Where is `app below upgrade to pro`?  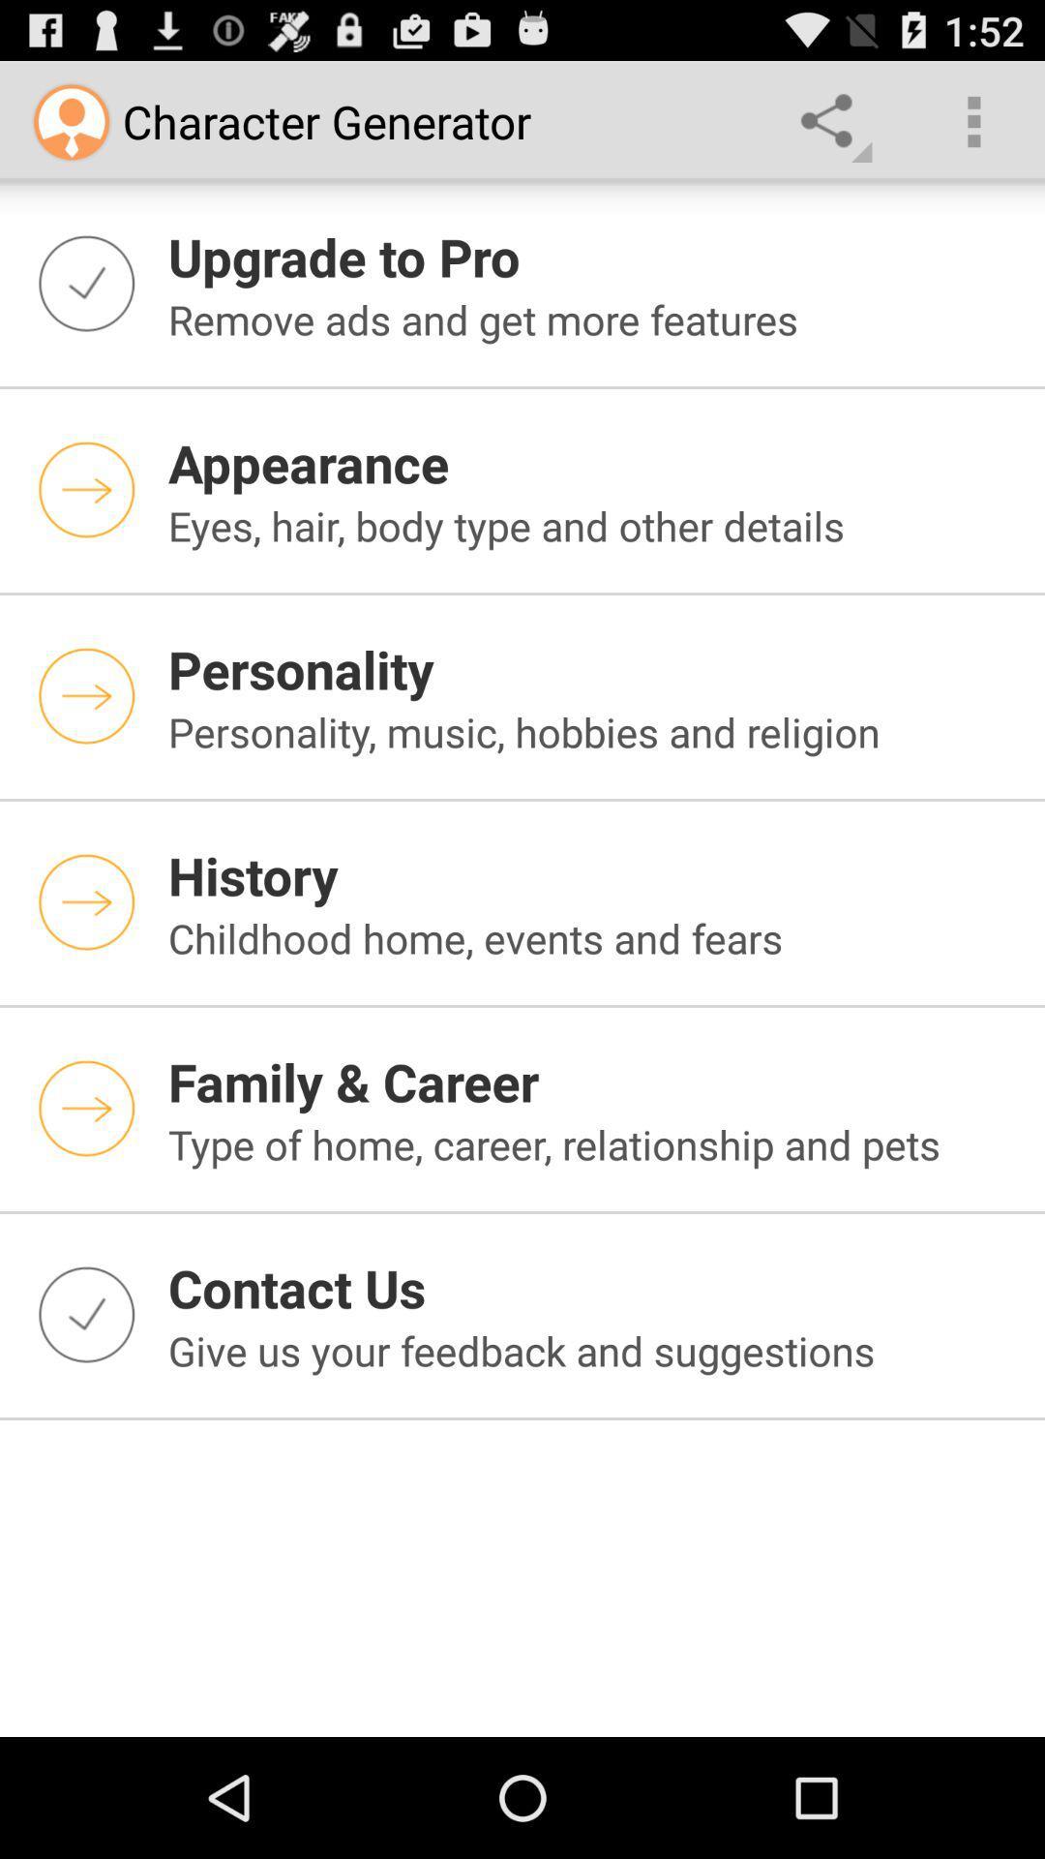
app below upgrade to pro is located at coordinates (593, 320).